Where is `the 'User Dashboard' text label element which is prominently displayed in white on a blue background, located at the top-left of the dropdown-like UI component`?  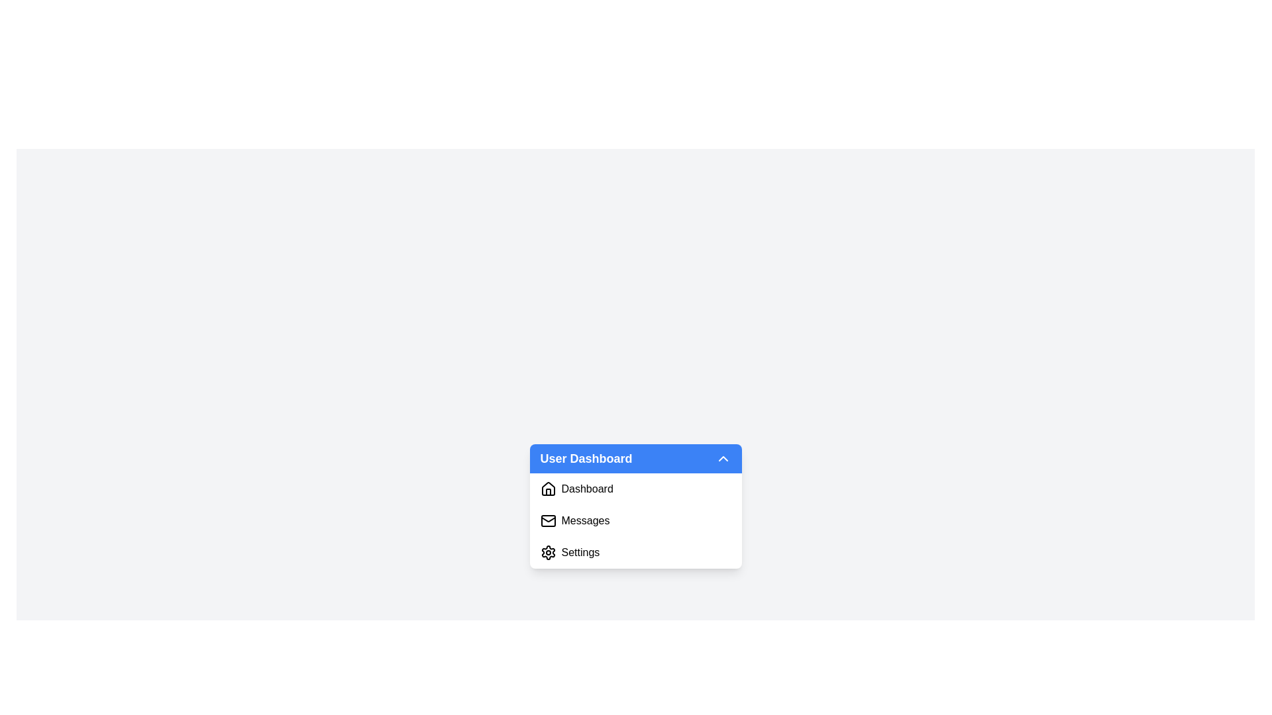
the 'User Dashboard' text label element which is prominently displayed in white on a blue background, located at the top-left of the dropdown-like UI component is located at coordinates (585, 458).